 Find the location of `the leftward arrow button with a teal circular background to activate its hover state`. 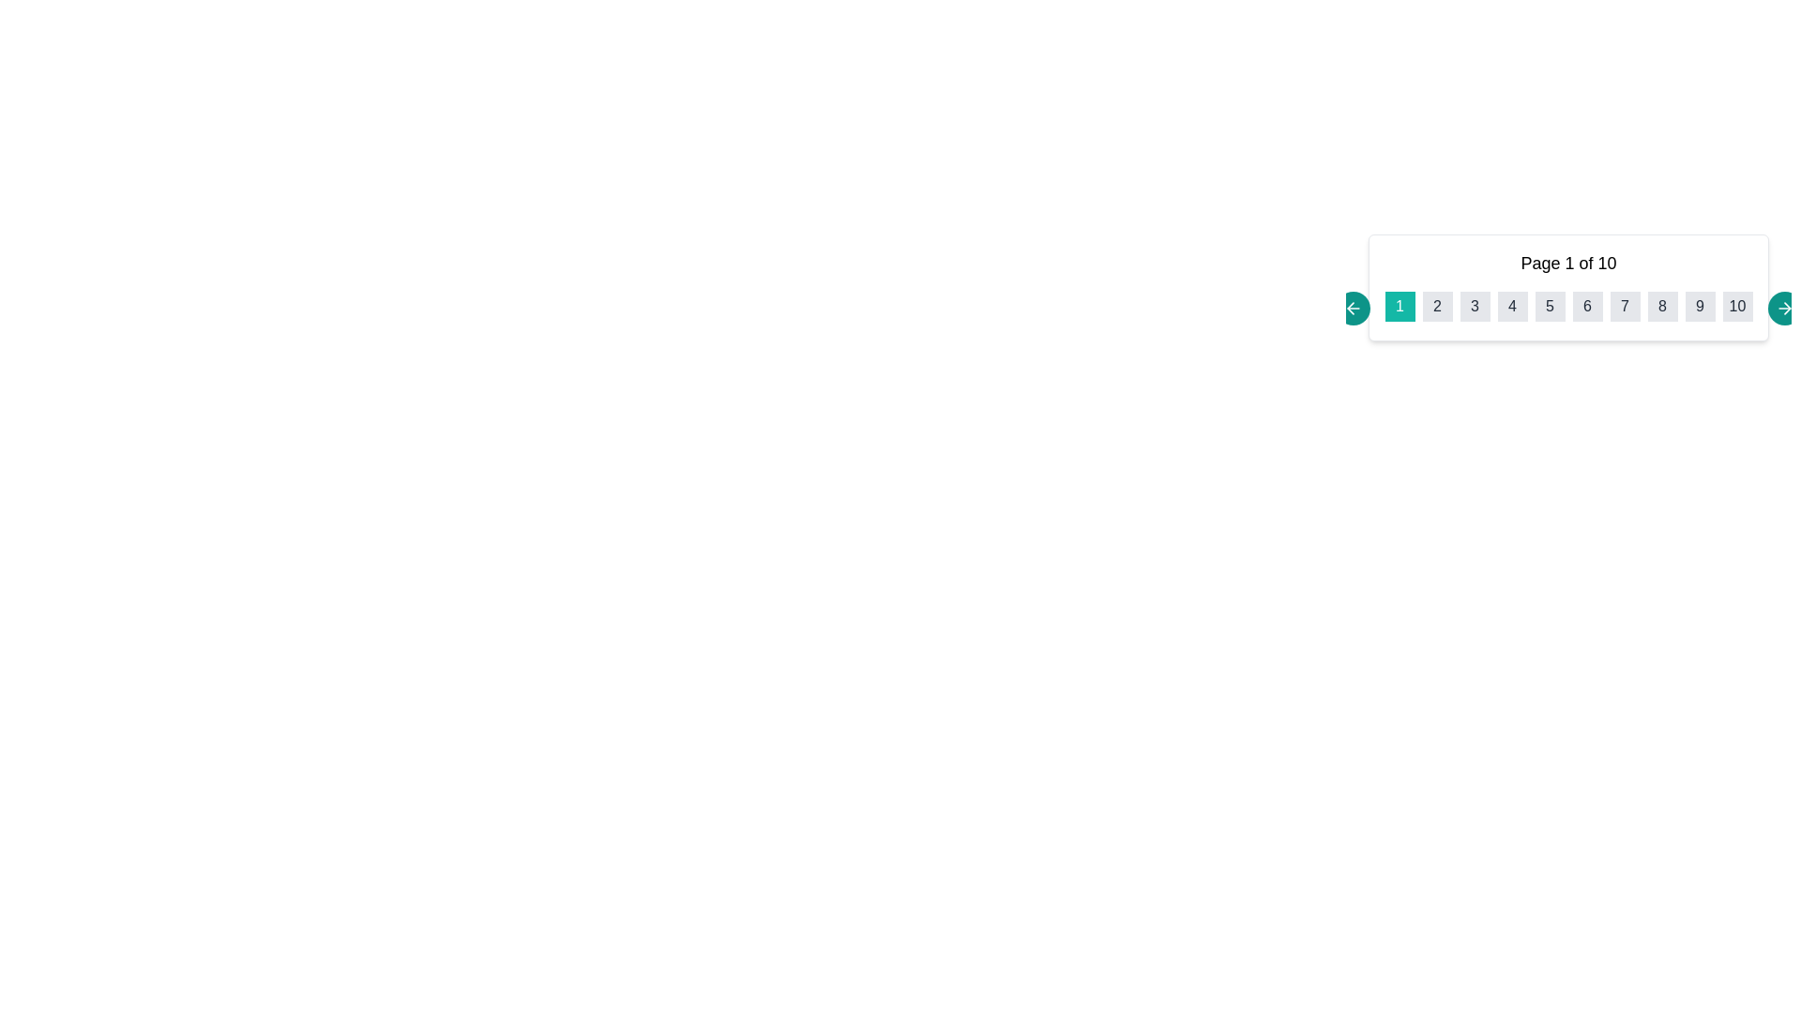

the leftward arrow button with a teal circular background to activate its hover state is located at coordinates (1353, 307).